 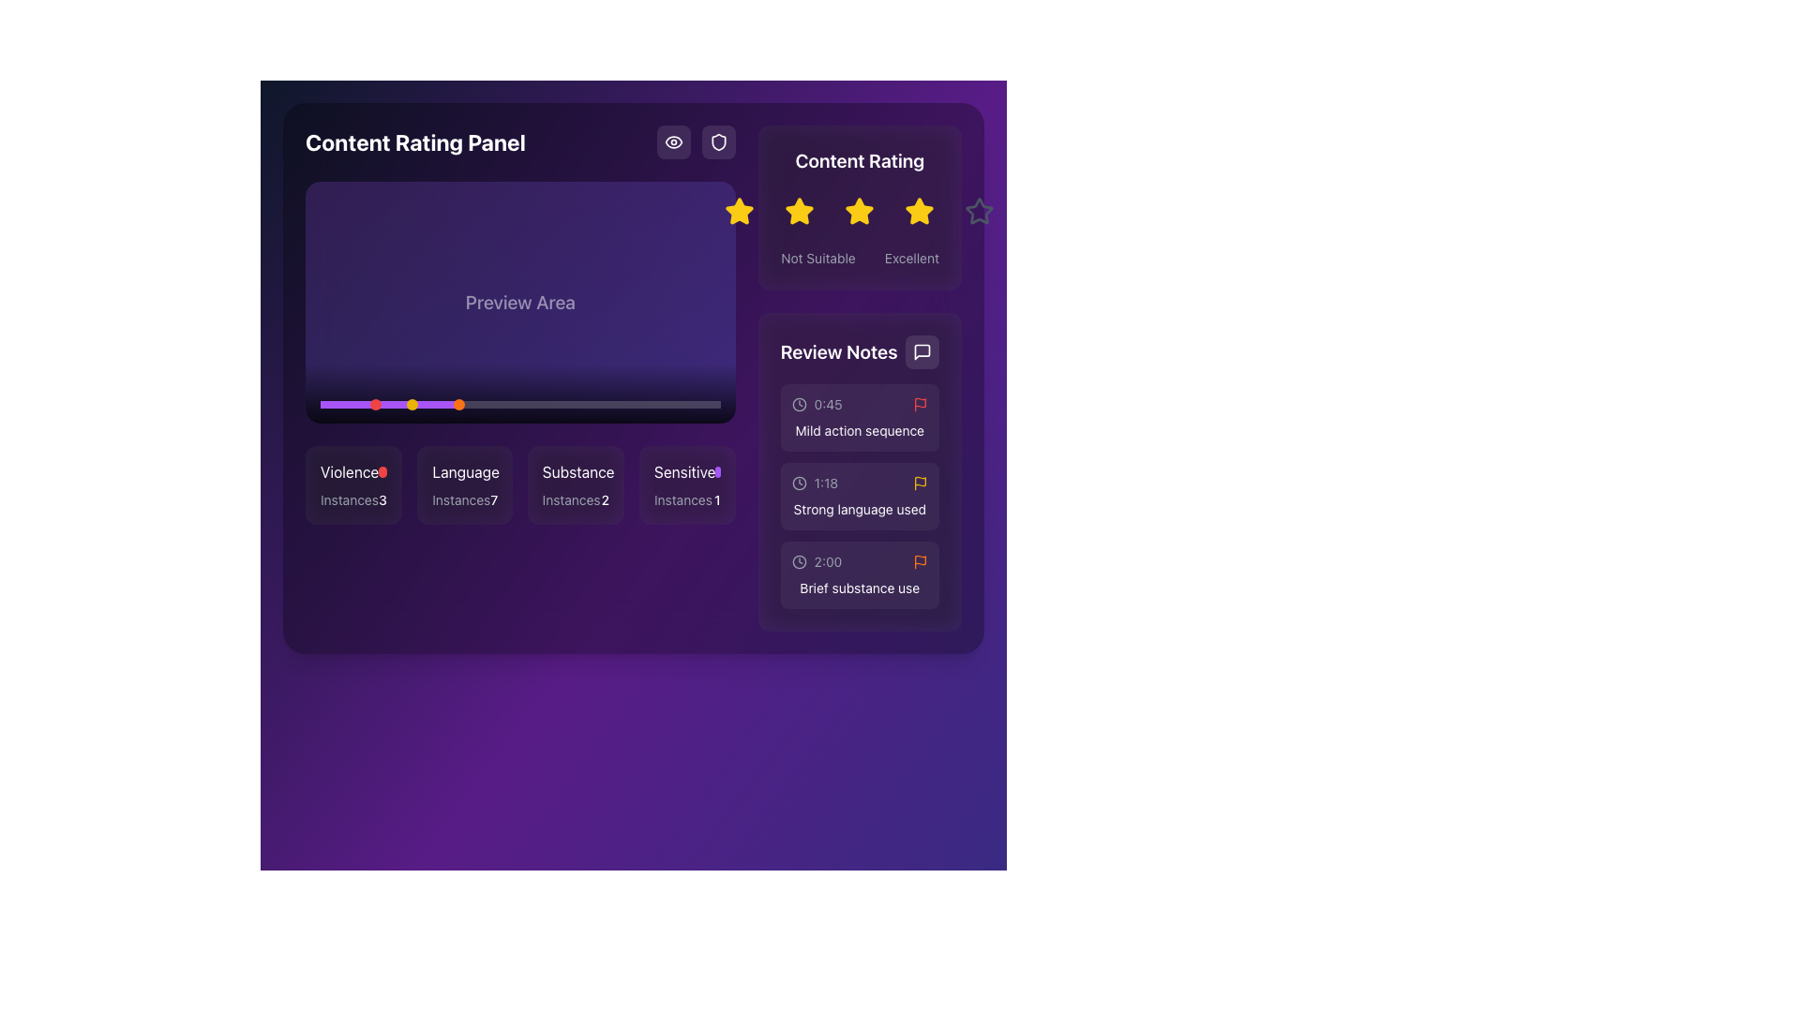 What do you see at coordinates (920, 401) in the screenshot?
I see `the SVG icon in the 'Review Notes' section, which is positioned to the right of a timestamp-text pair` at bounding box center [920, 401].